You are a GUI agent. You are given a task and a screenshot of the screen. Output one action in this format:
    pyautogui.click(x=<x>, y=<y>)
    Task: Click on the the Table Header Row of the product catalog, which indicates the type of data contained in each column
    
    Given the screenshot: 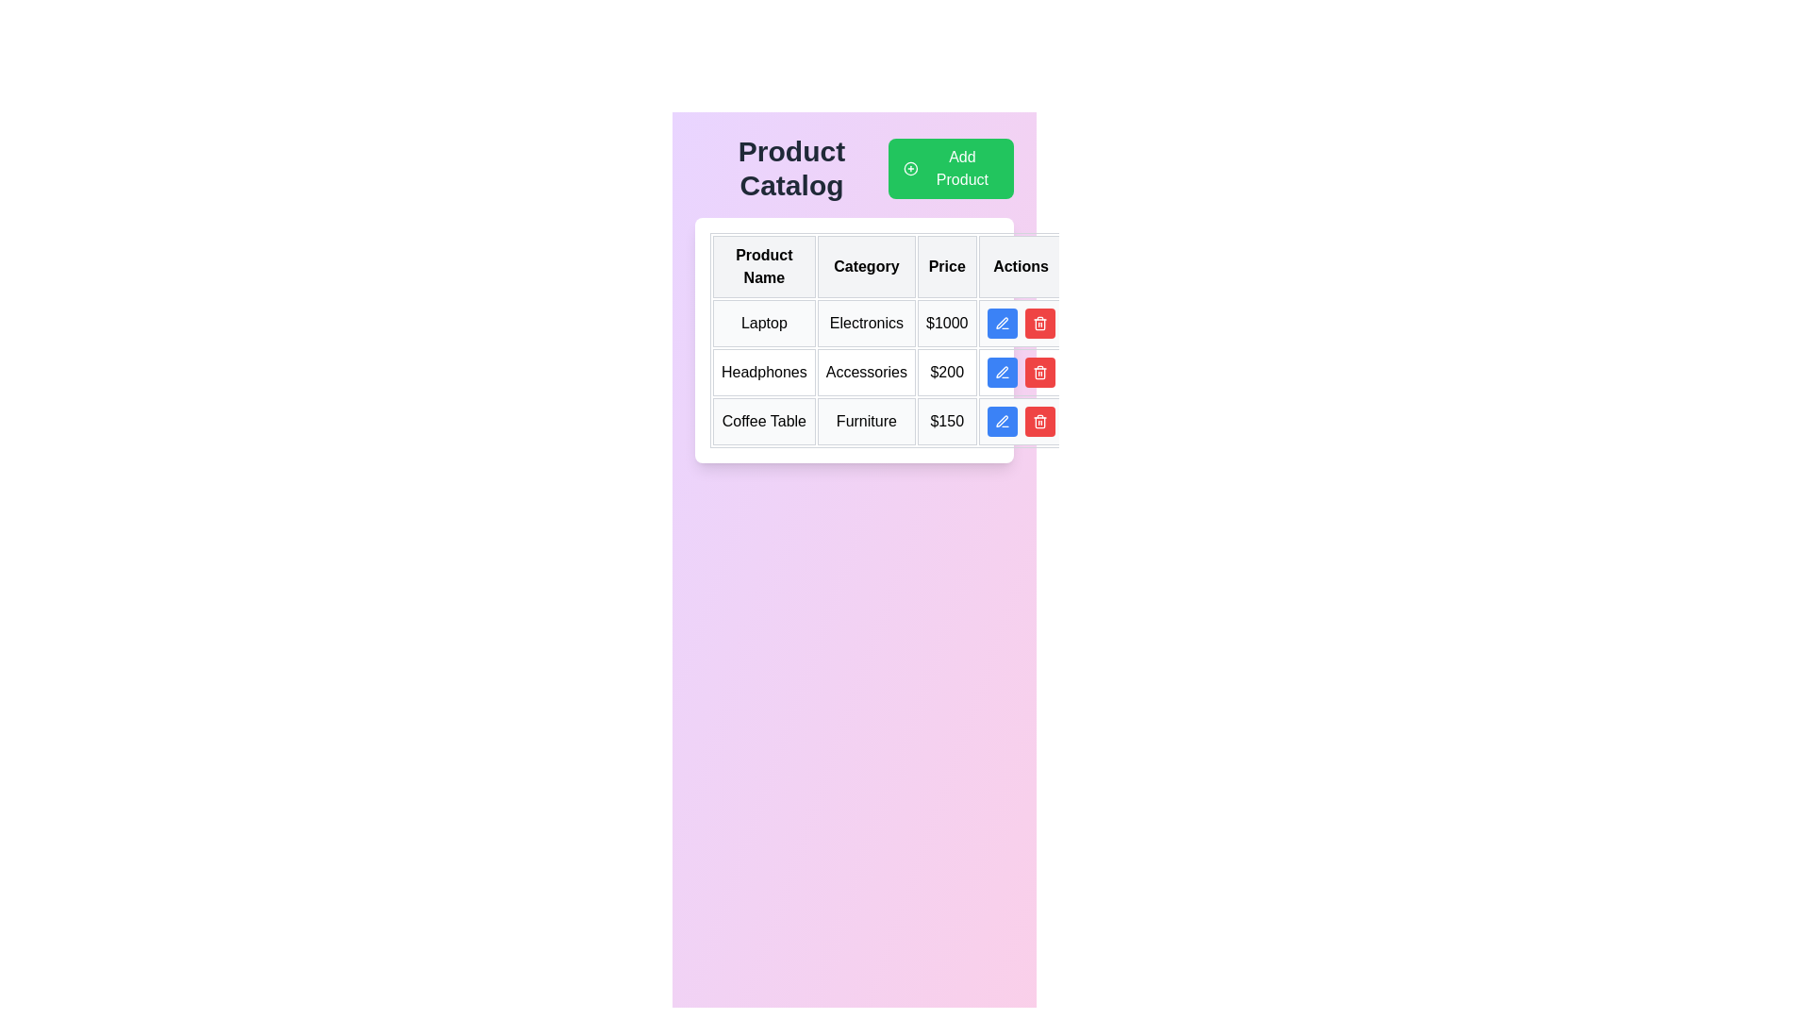 What is the action you would take?
    pyautogui.click(x=887, y=266)
    